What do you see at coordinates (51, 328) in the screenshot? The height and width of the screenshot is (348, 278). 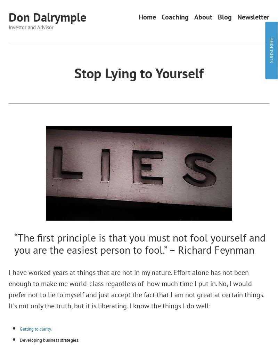 I see `'.'` at bounding box center [51, 328].